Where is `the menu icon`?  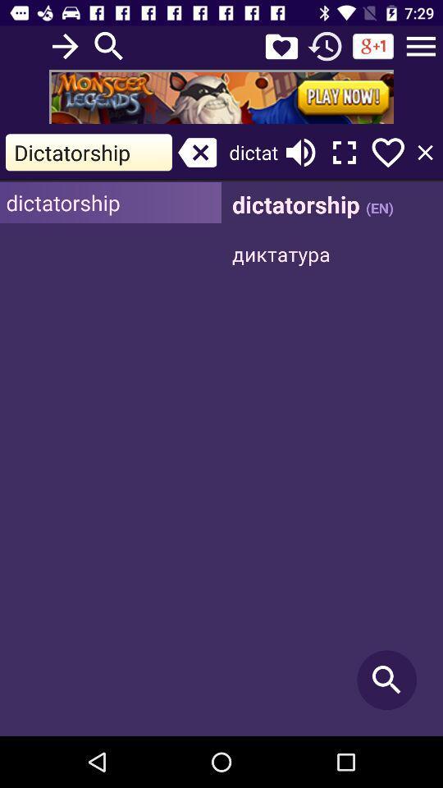
the menu icon is located at coordinates (421, 45).